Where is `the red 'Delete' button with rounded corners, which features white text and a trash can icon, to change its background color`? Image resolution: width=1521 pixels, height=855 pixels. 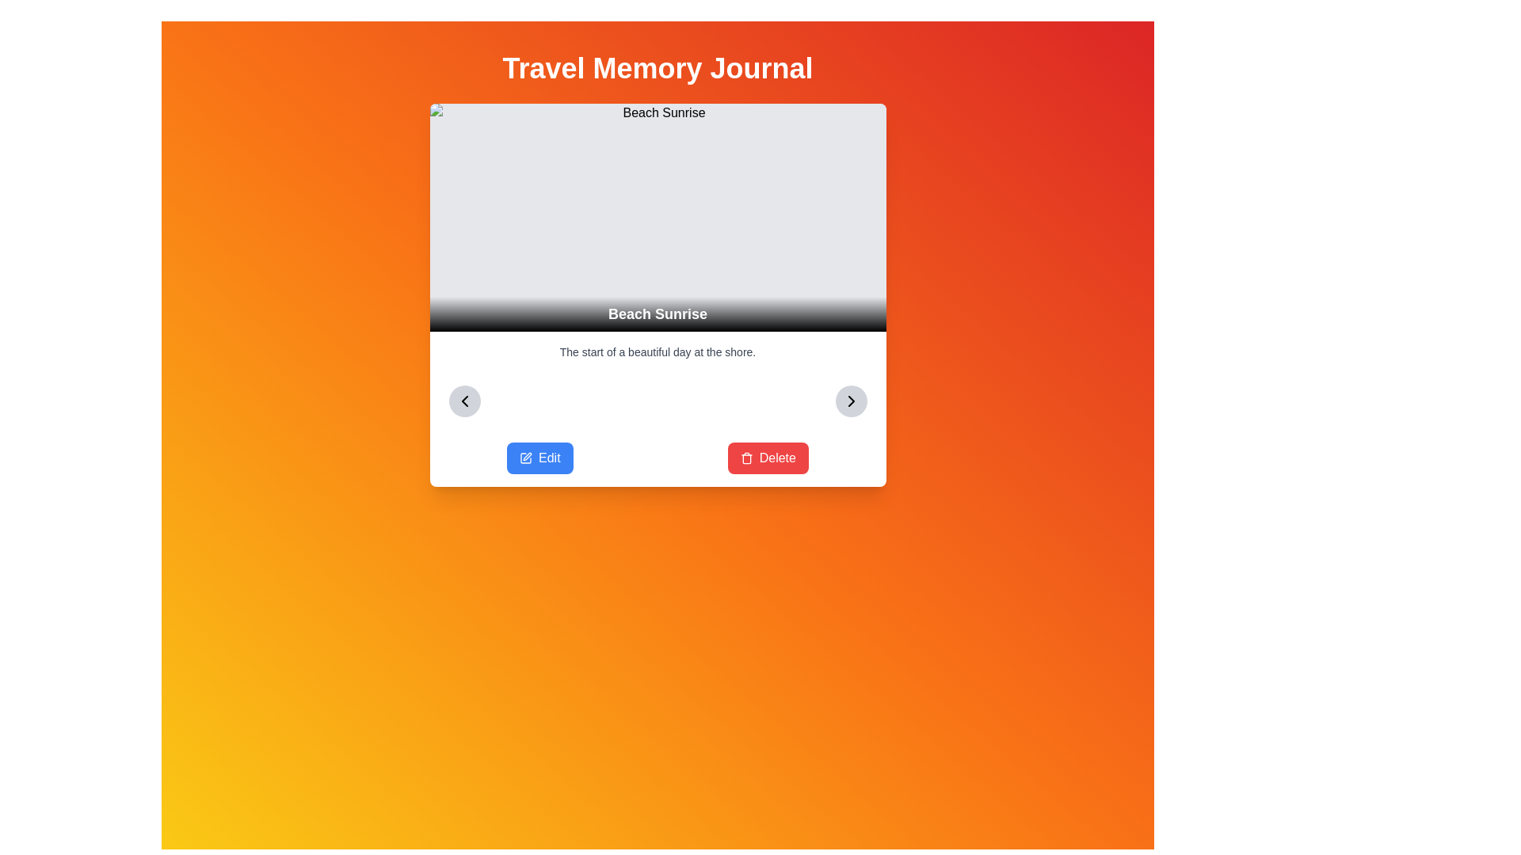 the red 'Delete' button with rounded corners, which features white text and a trash can icon, to change its background color is located at coordinates (768, 458).